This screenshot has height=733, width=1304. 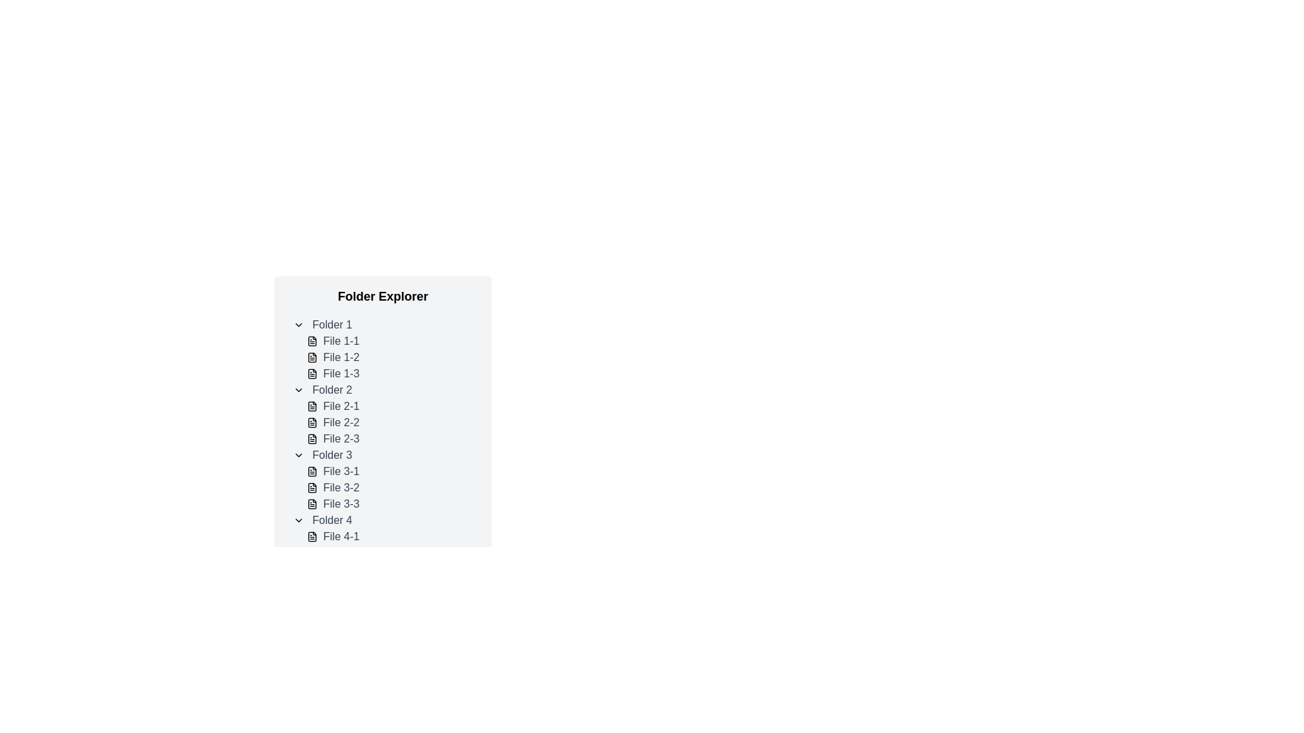 What do you see at coordinates (312, 470) in the screenshot?
I see `the file icon representing 'File 3-1' which is a minimalist document icon with a folded corner located to the left of the text label` at bounding box center [312, 470].